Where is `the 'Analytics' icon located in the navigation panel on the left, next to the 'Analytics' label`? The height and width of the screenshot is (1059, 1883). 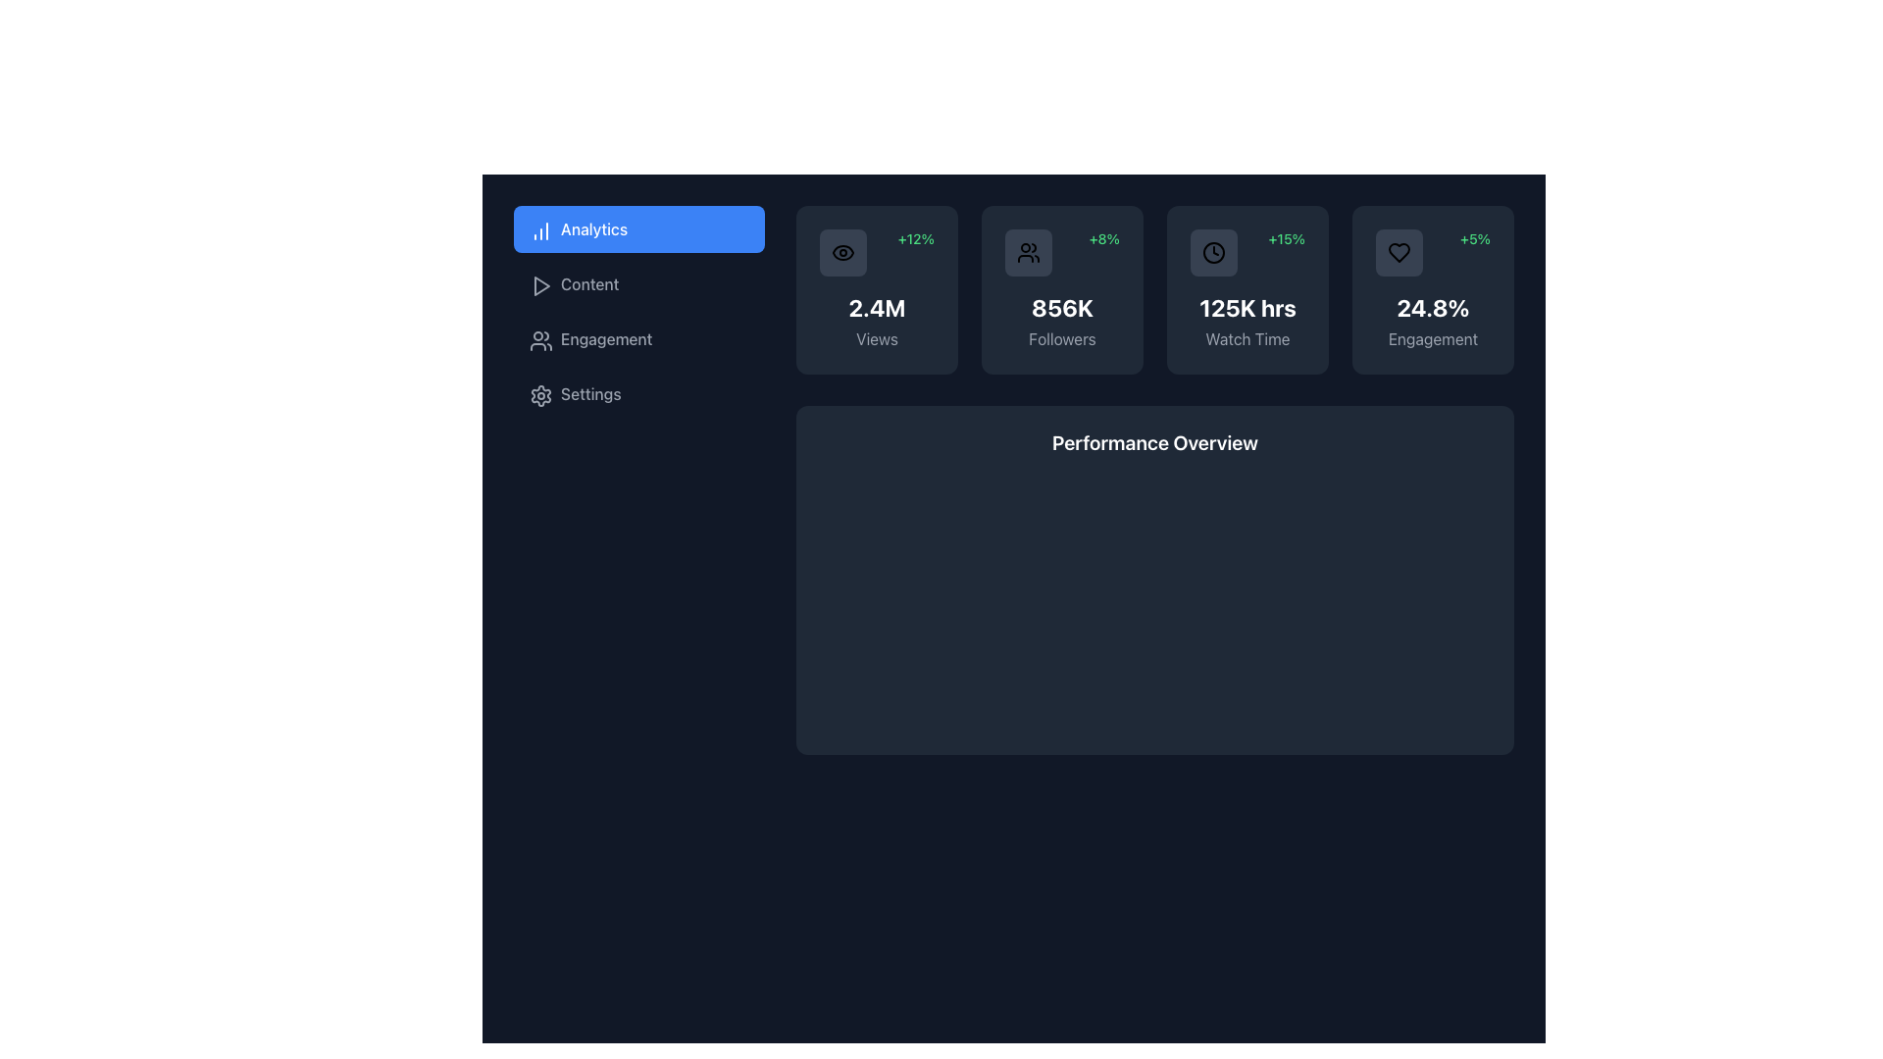
the 'Analytics' icon located in the navigation panel on the left, next to the 'Analytics' label is located at coordinates (541, 229).